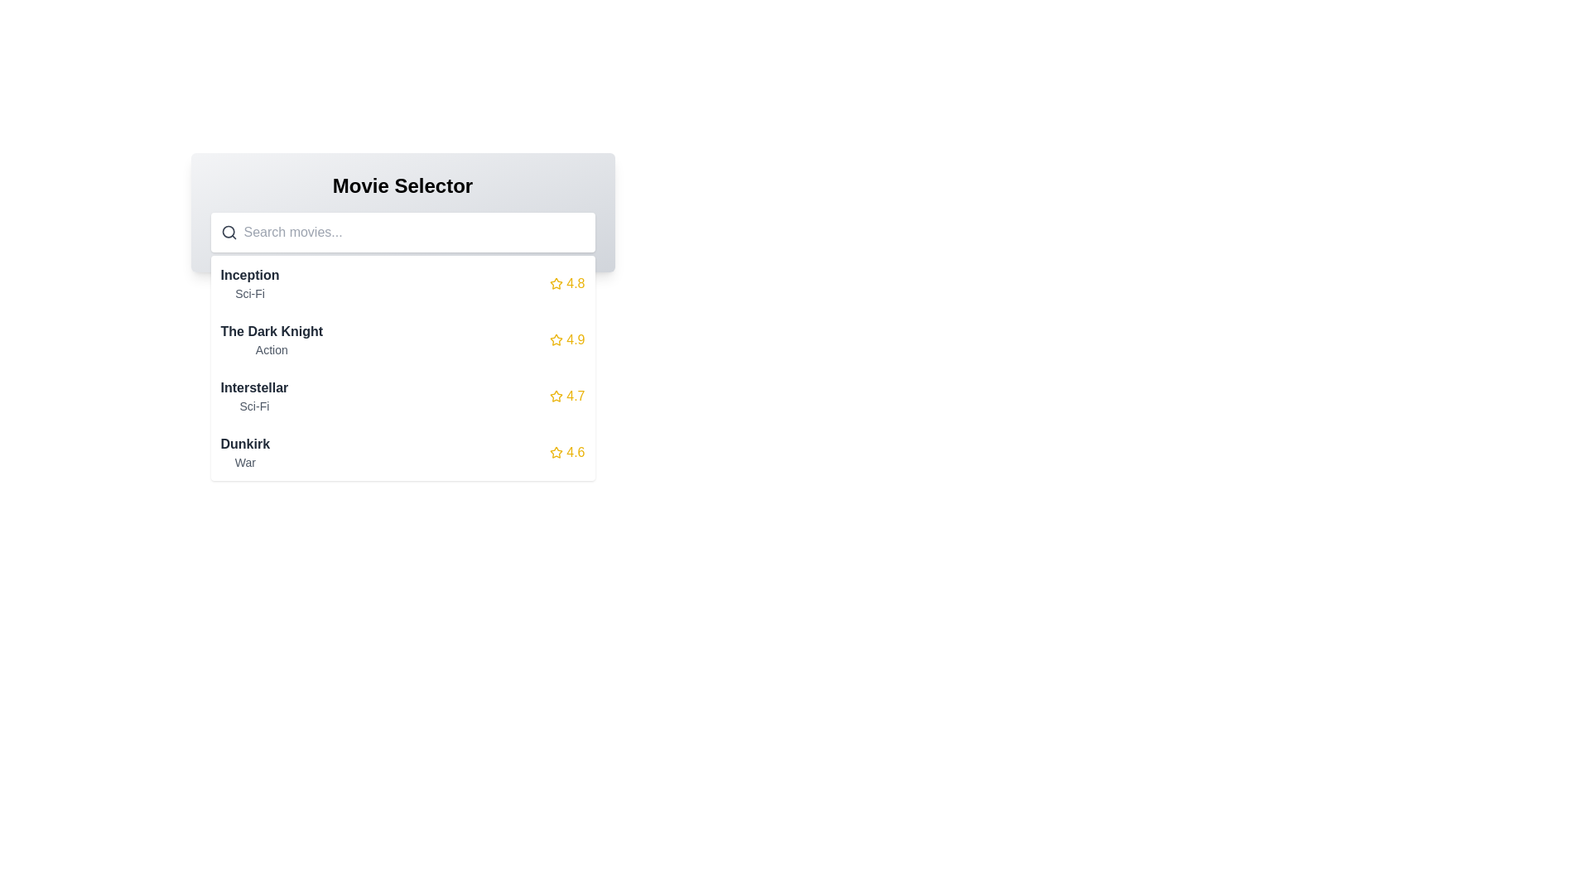  I want to click on text content of the informational label indicating the genre associated with the movie 'Interstellar', located directly below its title in the movie list interface, so click(253, 406).